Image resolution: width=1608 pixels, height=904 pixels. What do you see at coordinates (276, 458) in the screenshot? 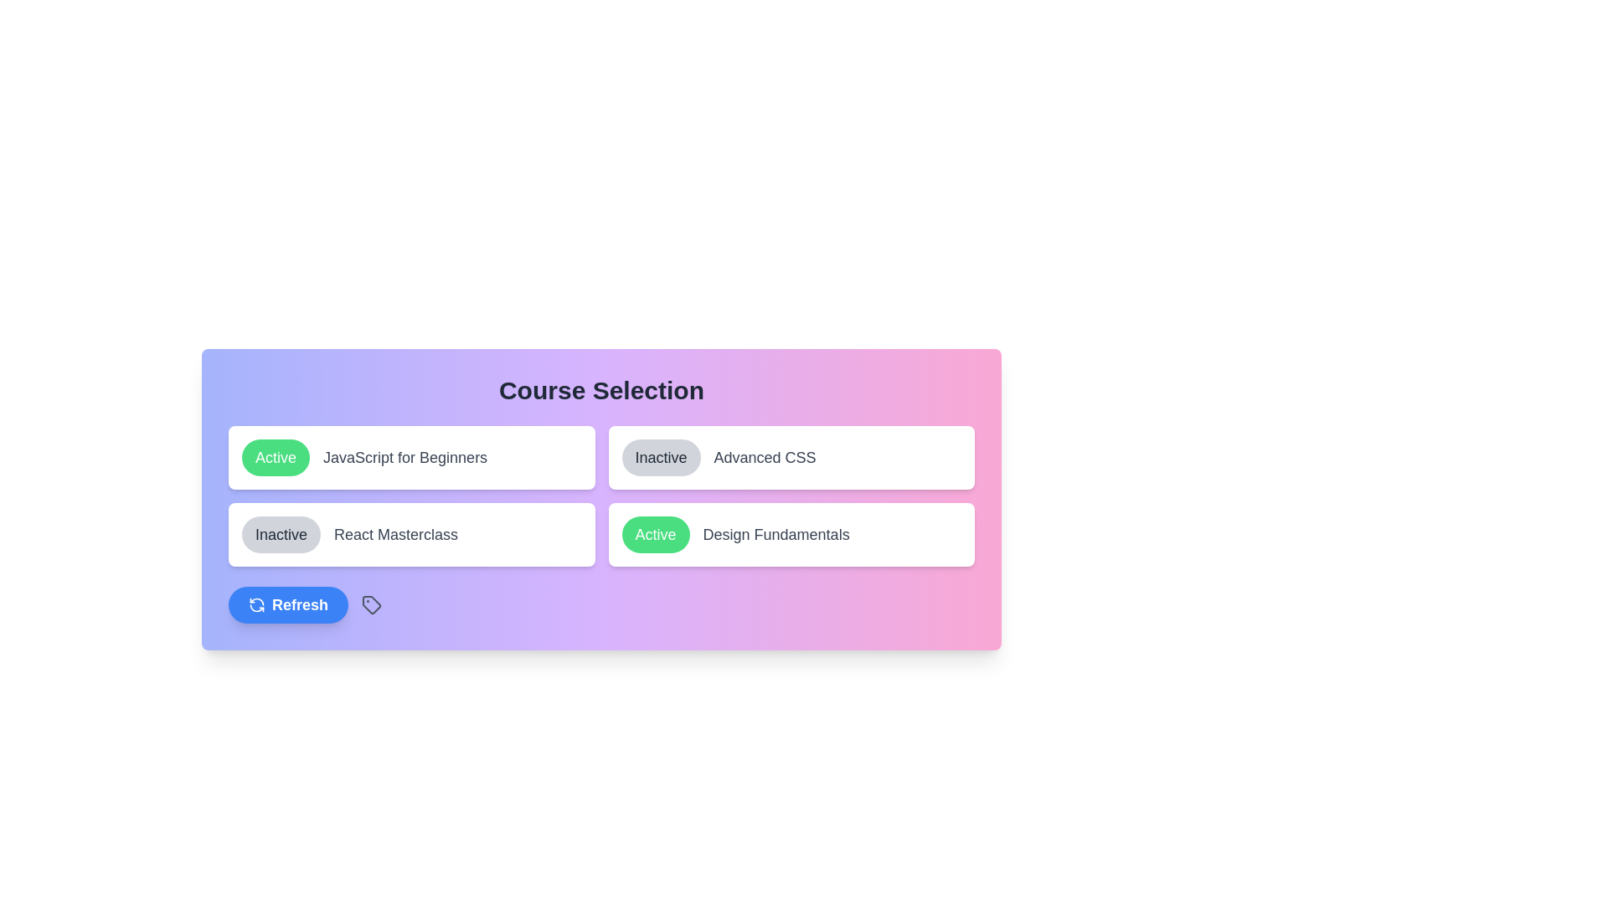
I see `the green 'Active' button` at bounding box center [276, 458].